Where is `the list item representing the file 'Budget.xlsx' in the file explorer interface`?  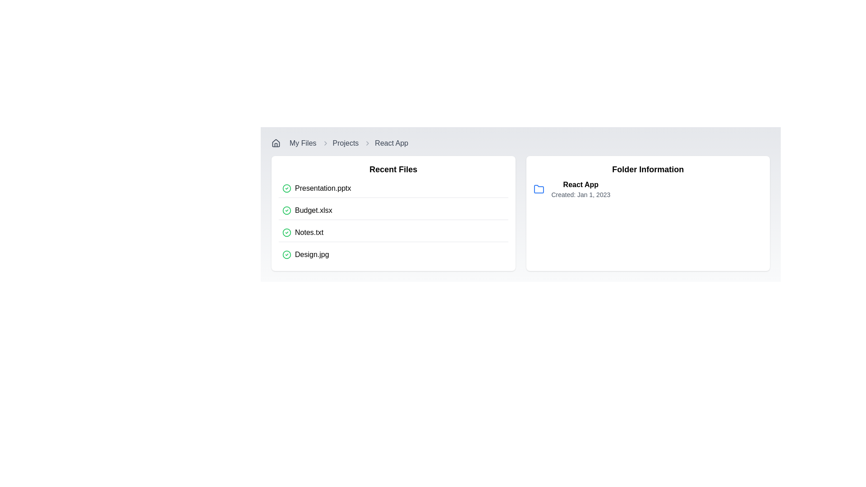 the list item representing the file 'Budget.xlsx' in the file explorer interface is located at coordinates (393, 211).